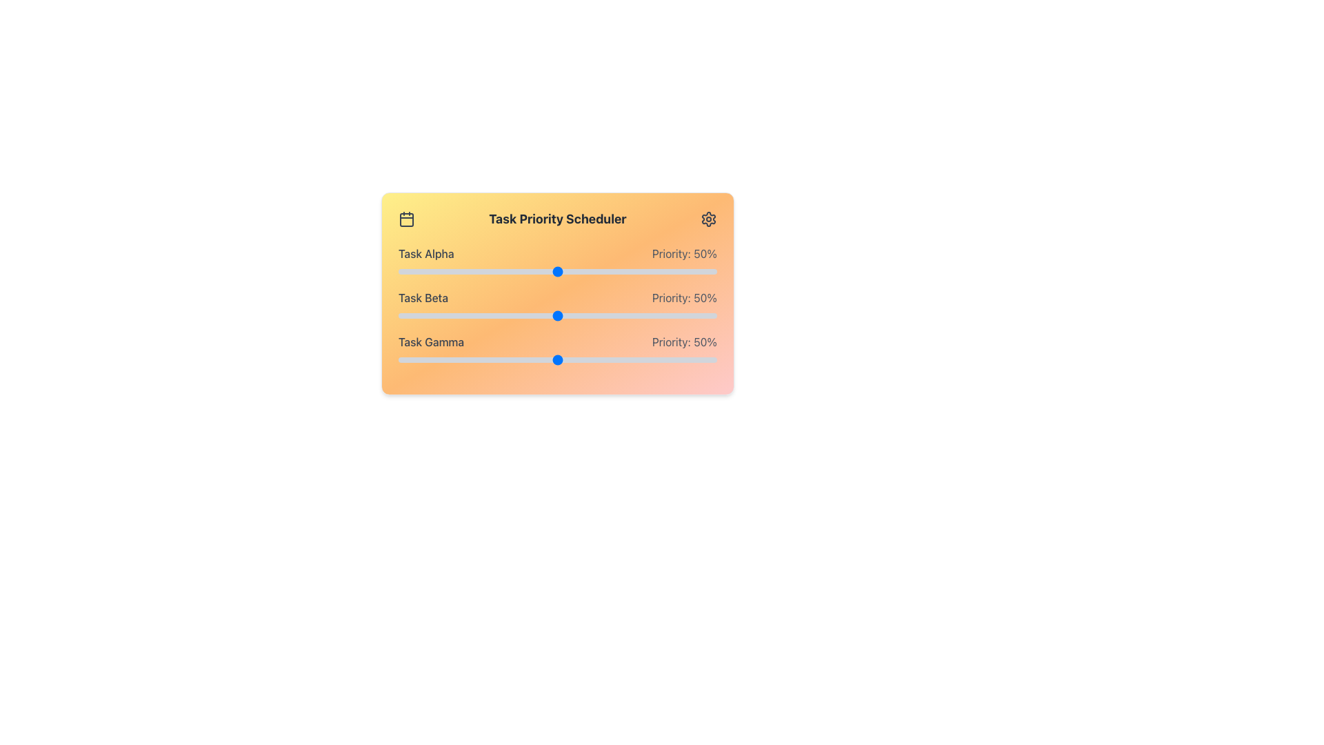 This screenshot has width=1324, height=745. I want to click on the priority value of Task Gamma, so click(576, 341).